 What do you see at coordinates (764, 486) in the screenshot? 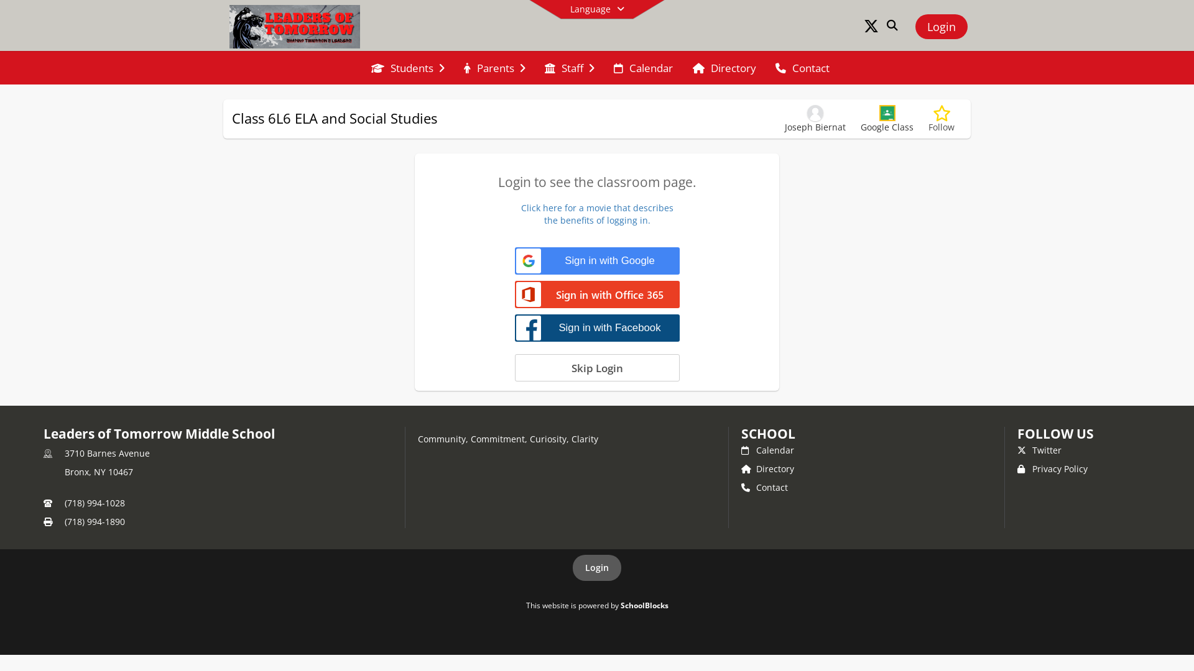
I see `'Contact'` at bounding box center [764, 486].